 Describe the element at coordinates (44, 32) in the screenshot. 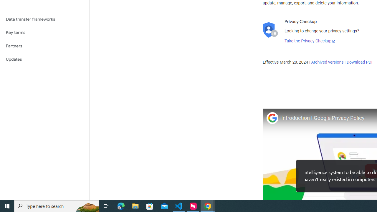

I see `'Key terms'` at that location.